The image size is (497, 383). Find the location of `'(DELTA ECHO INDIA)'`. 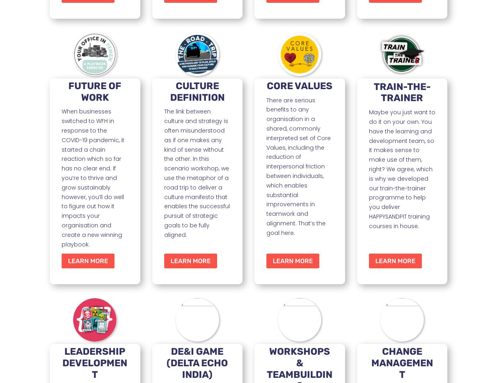

'(DELTA ECHO INDIA)' is located at coordinates (197, 368).